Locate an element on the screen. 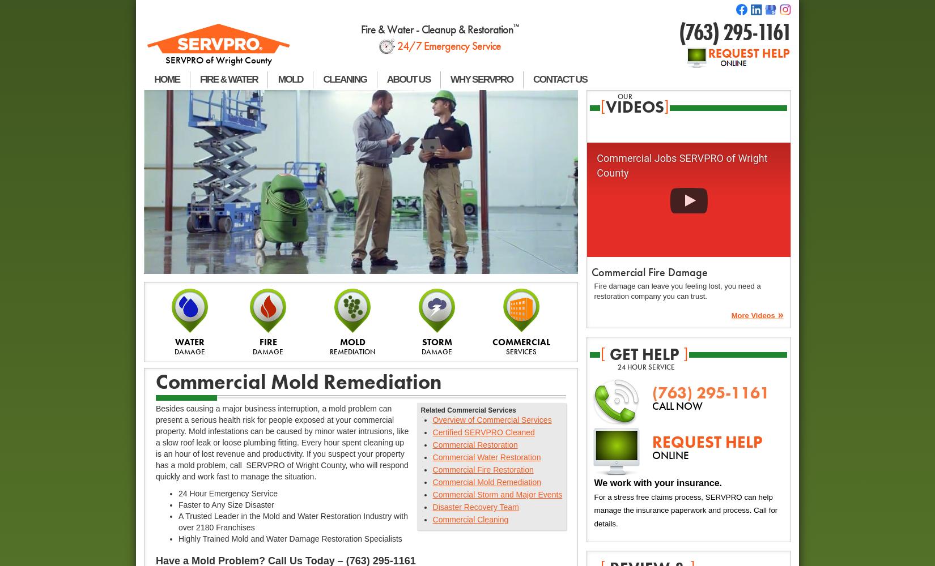  'FIRE & WATER' is located at coordinates (228, 79).